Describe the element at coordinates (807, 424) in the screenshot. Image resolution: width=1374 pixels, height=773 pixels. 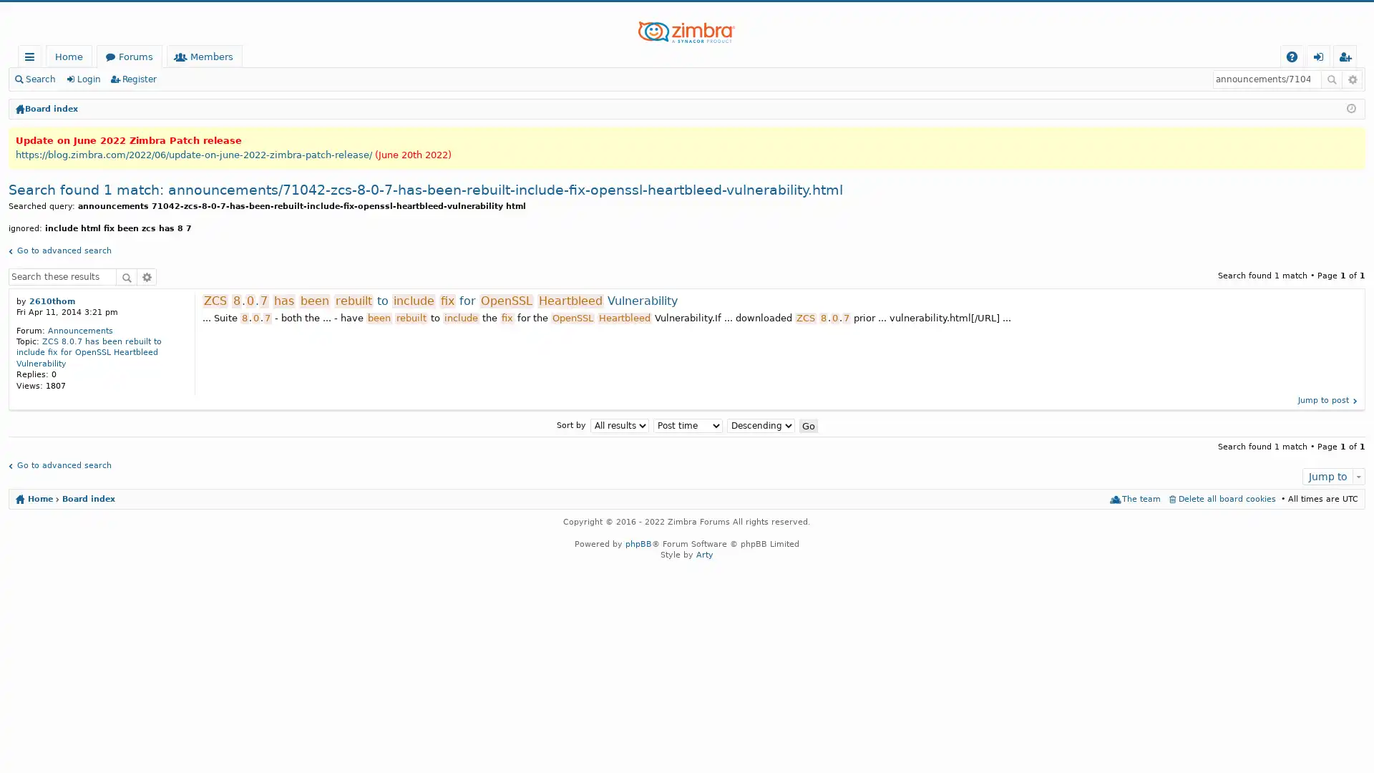
I see `Go` at that location.